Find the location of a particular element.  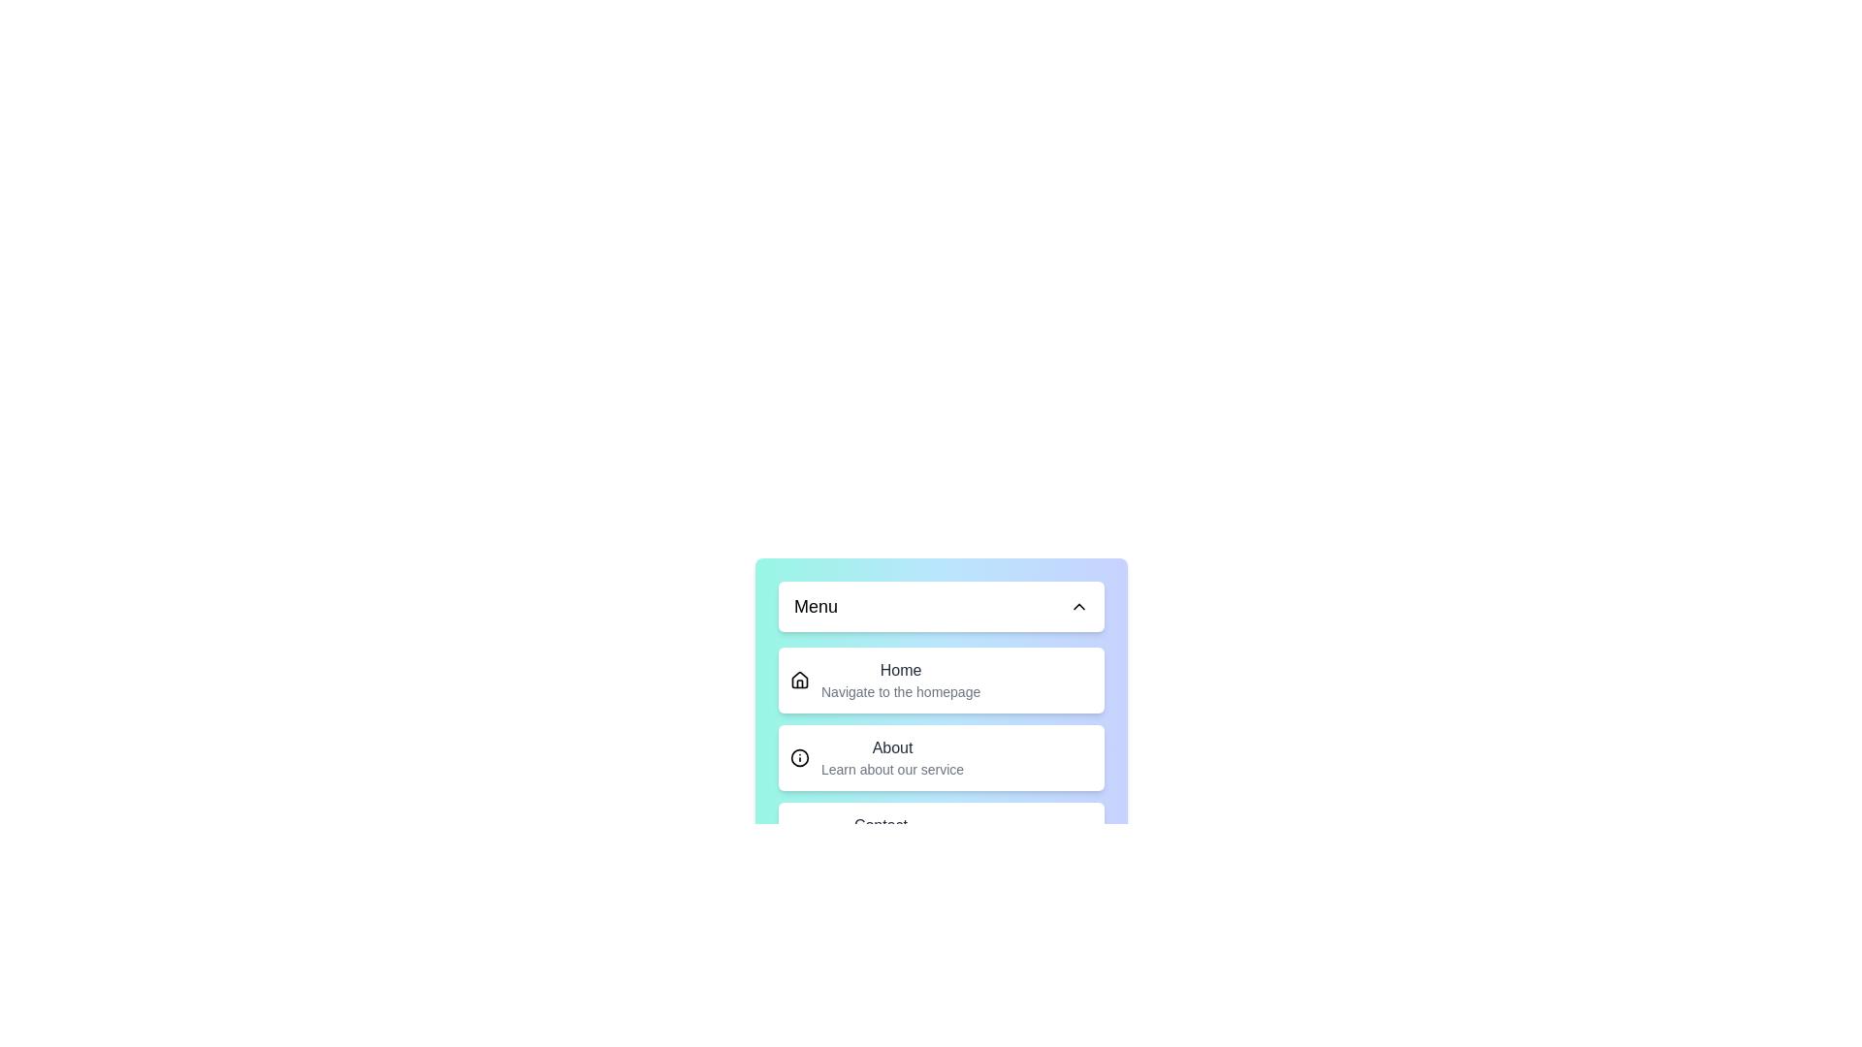

the menu item About to navigate is located at coordinates (941, 757).